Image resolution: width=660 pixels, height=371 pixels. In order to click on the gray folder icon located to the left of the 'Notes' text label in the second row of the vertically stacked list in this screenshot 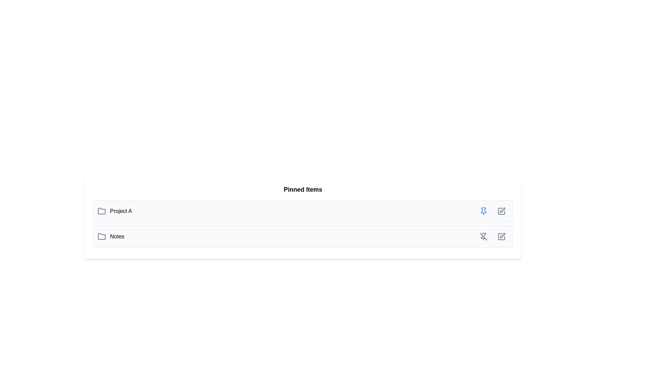, I will do `click(101, 236)`.